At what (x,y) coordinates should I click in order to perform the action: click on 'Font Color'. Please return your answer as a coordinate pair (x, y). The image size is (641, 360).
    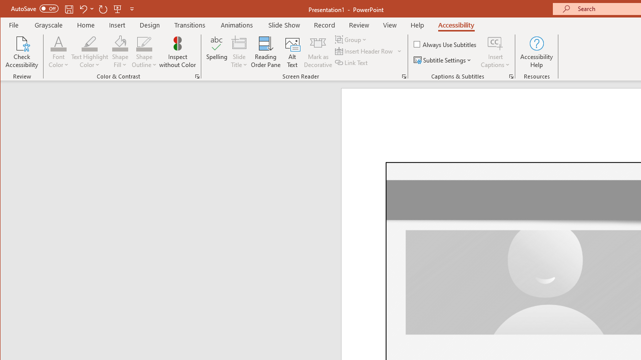
    Looking at the image, I should click on (58, 42).